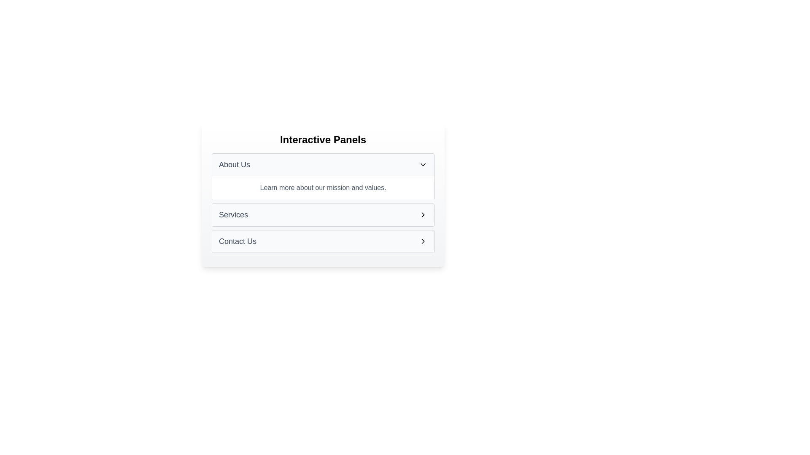  I want to click on the 'About Us' section of the Collapsible Panel titled 'Interactive Panels', so click(323, 195).